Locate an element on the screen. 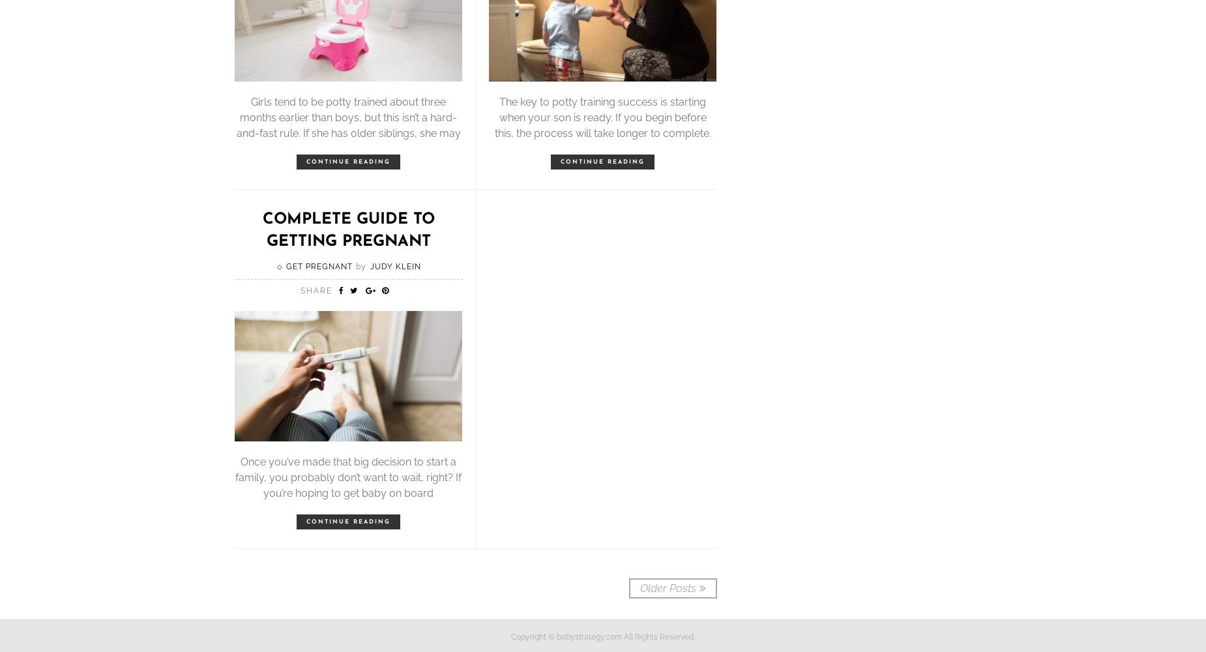 This screenshot has width=1206, height=652. 'Get Pregnant' is located at coordinates (285, 267).